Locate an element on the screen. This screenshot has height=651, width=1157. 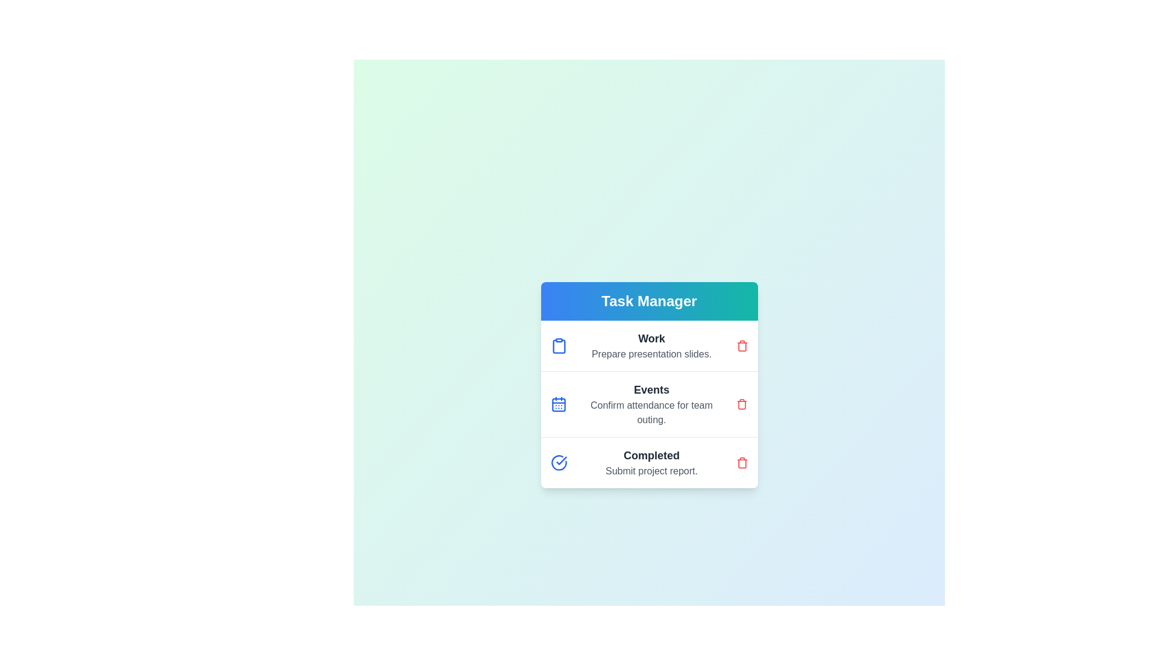
the task icon check_circle to interact with it is located at coordinates (558, 462).